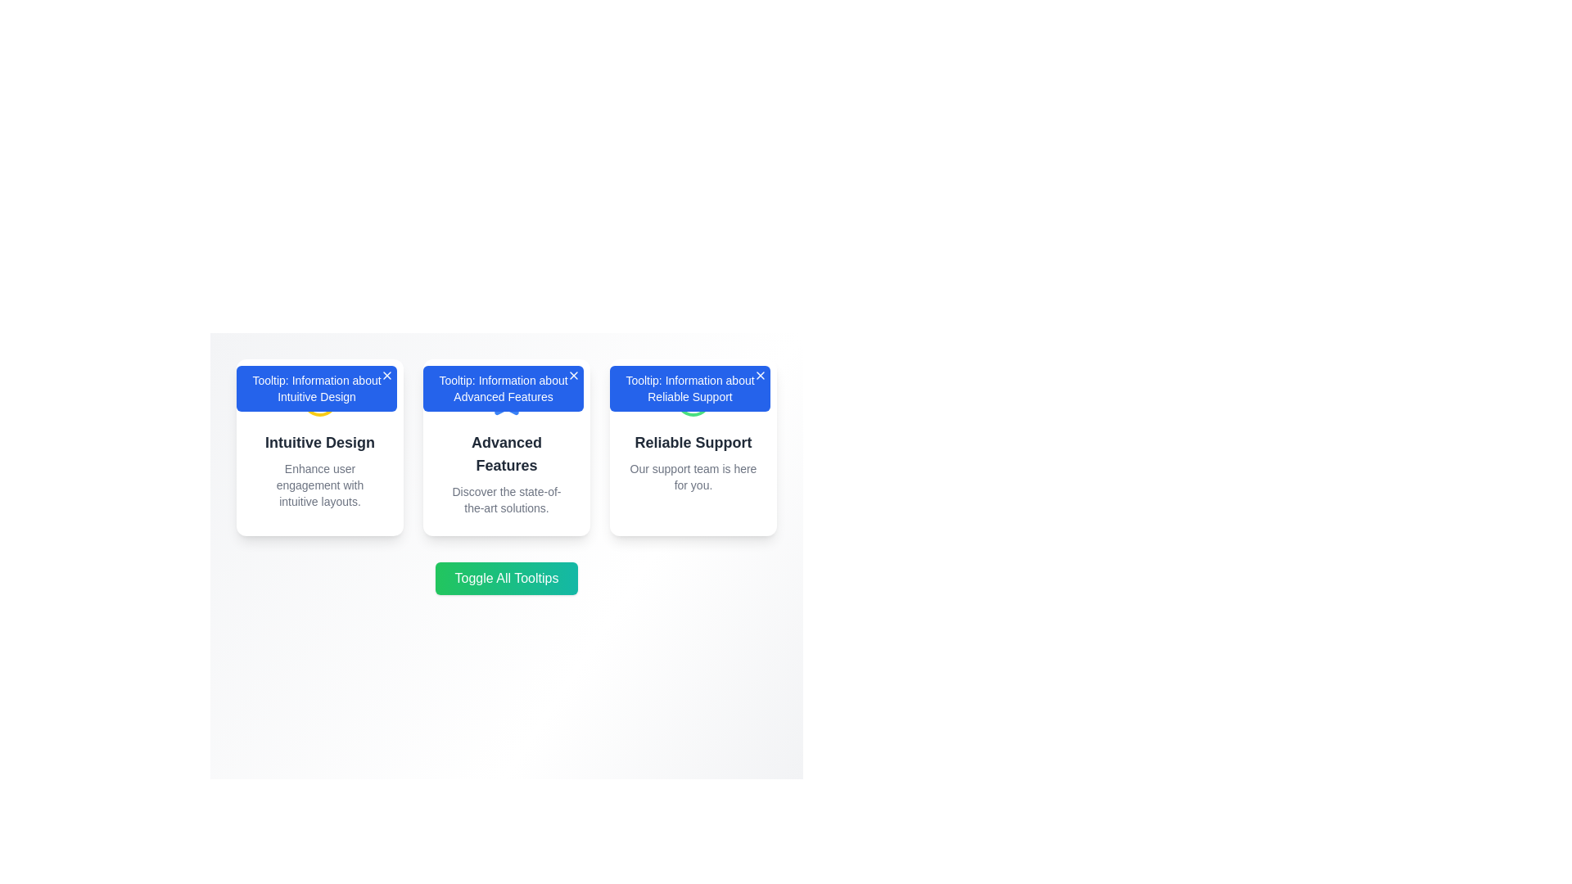 The image size is (1572, 884). What do you see at coordinates (573, 376) in the screenshot?
I see `the close button icon, which is a white outlined 'X' on a blue background located in the top-right corner of the tooltip labeled 'Tooltip: Information about Advanced Features.'` at bounding box center [573, 376].